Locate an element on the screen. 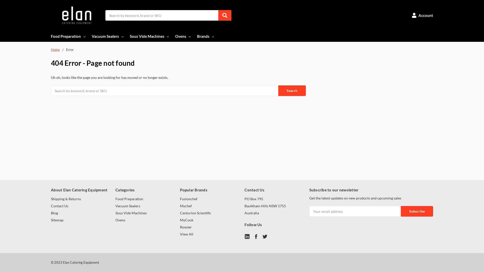 This screenshot has width=484, height=272. 'Fusionchef' is located at coordinates (188, 198).